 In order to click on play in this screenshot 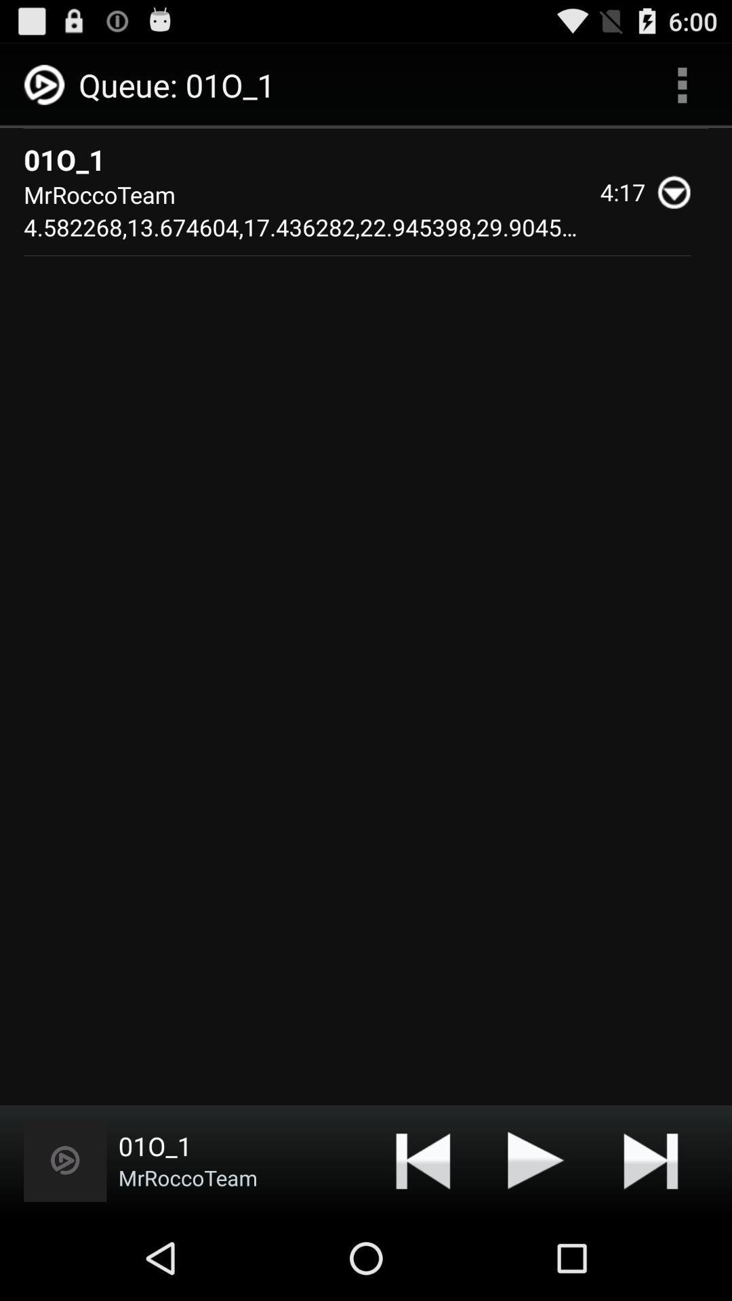, I will do `click(535, 1159)`.